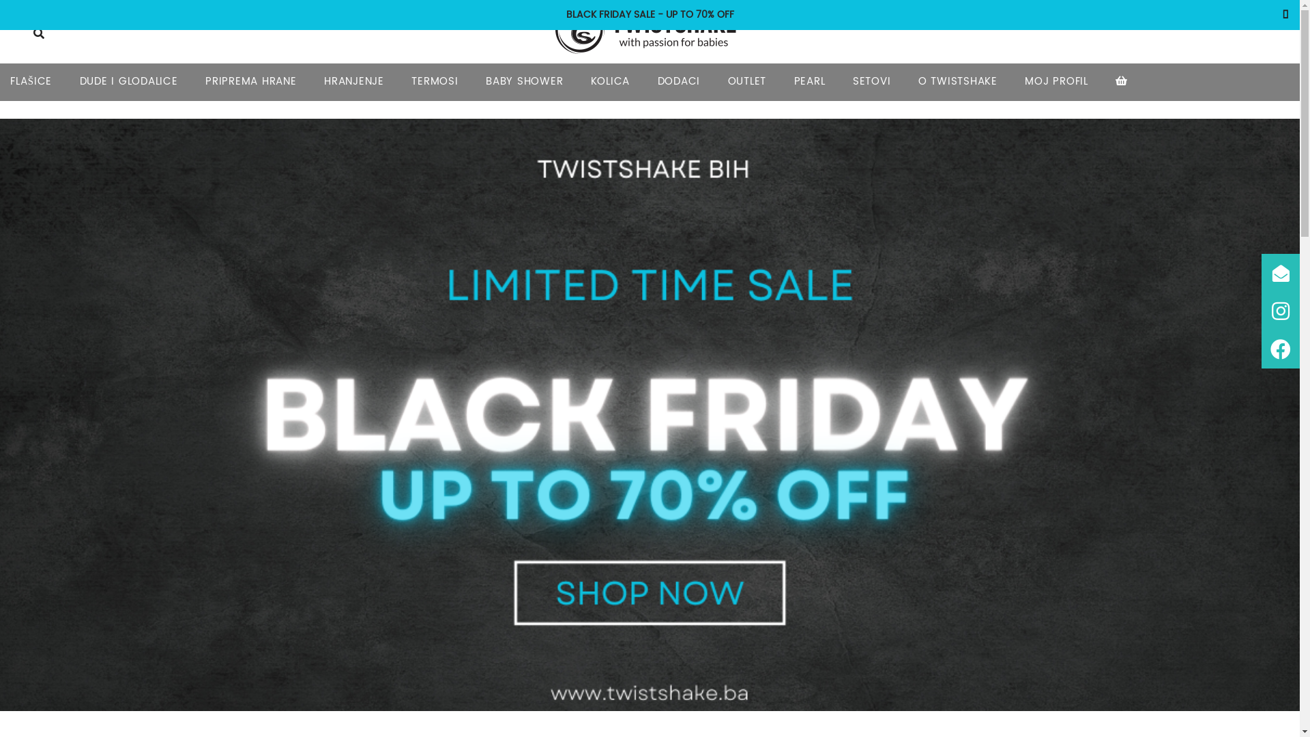 This screenshot has height=737, width=1310. Describe the element at coordinates (609, 82) in the screenshot. I see `'KOLICA'` at that location.